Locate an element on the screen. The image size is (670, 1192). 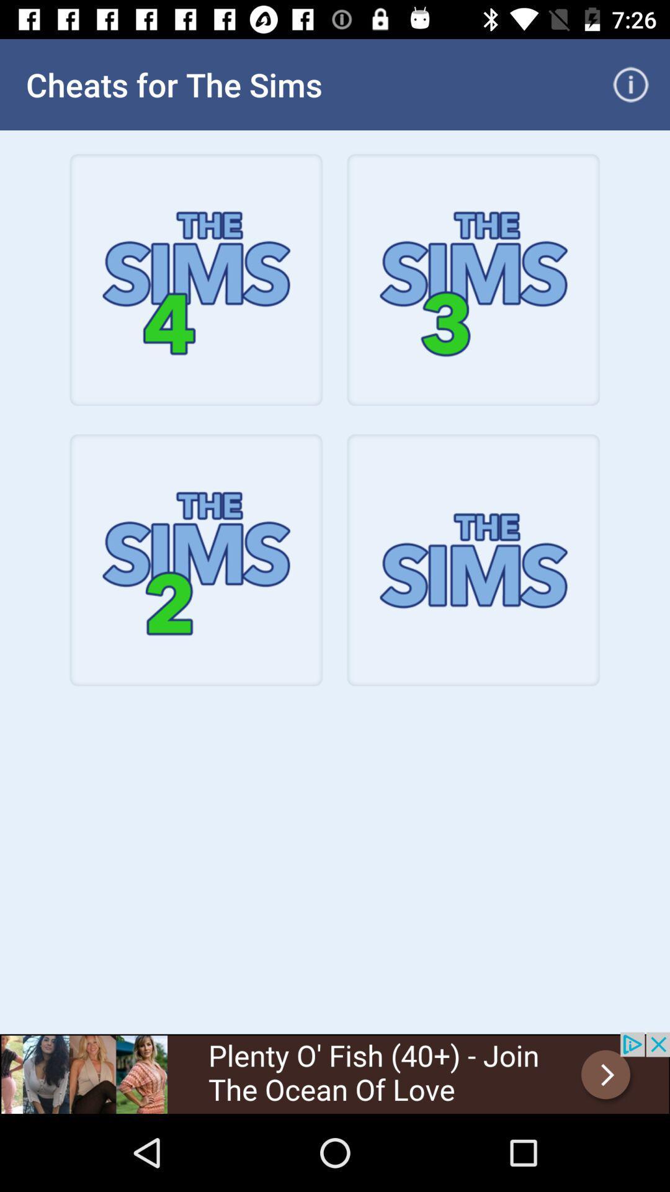
advertisement is located at coordinates (335, 1072).